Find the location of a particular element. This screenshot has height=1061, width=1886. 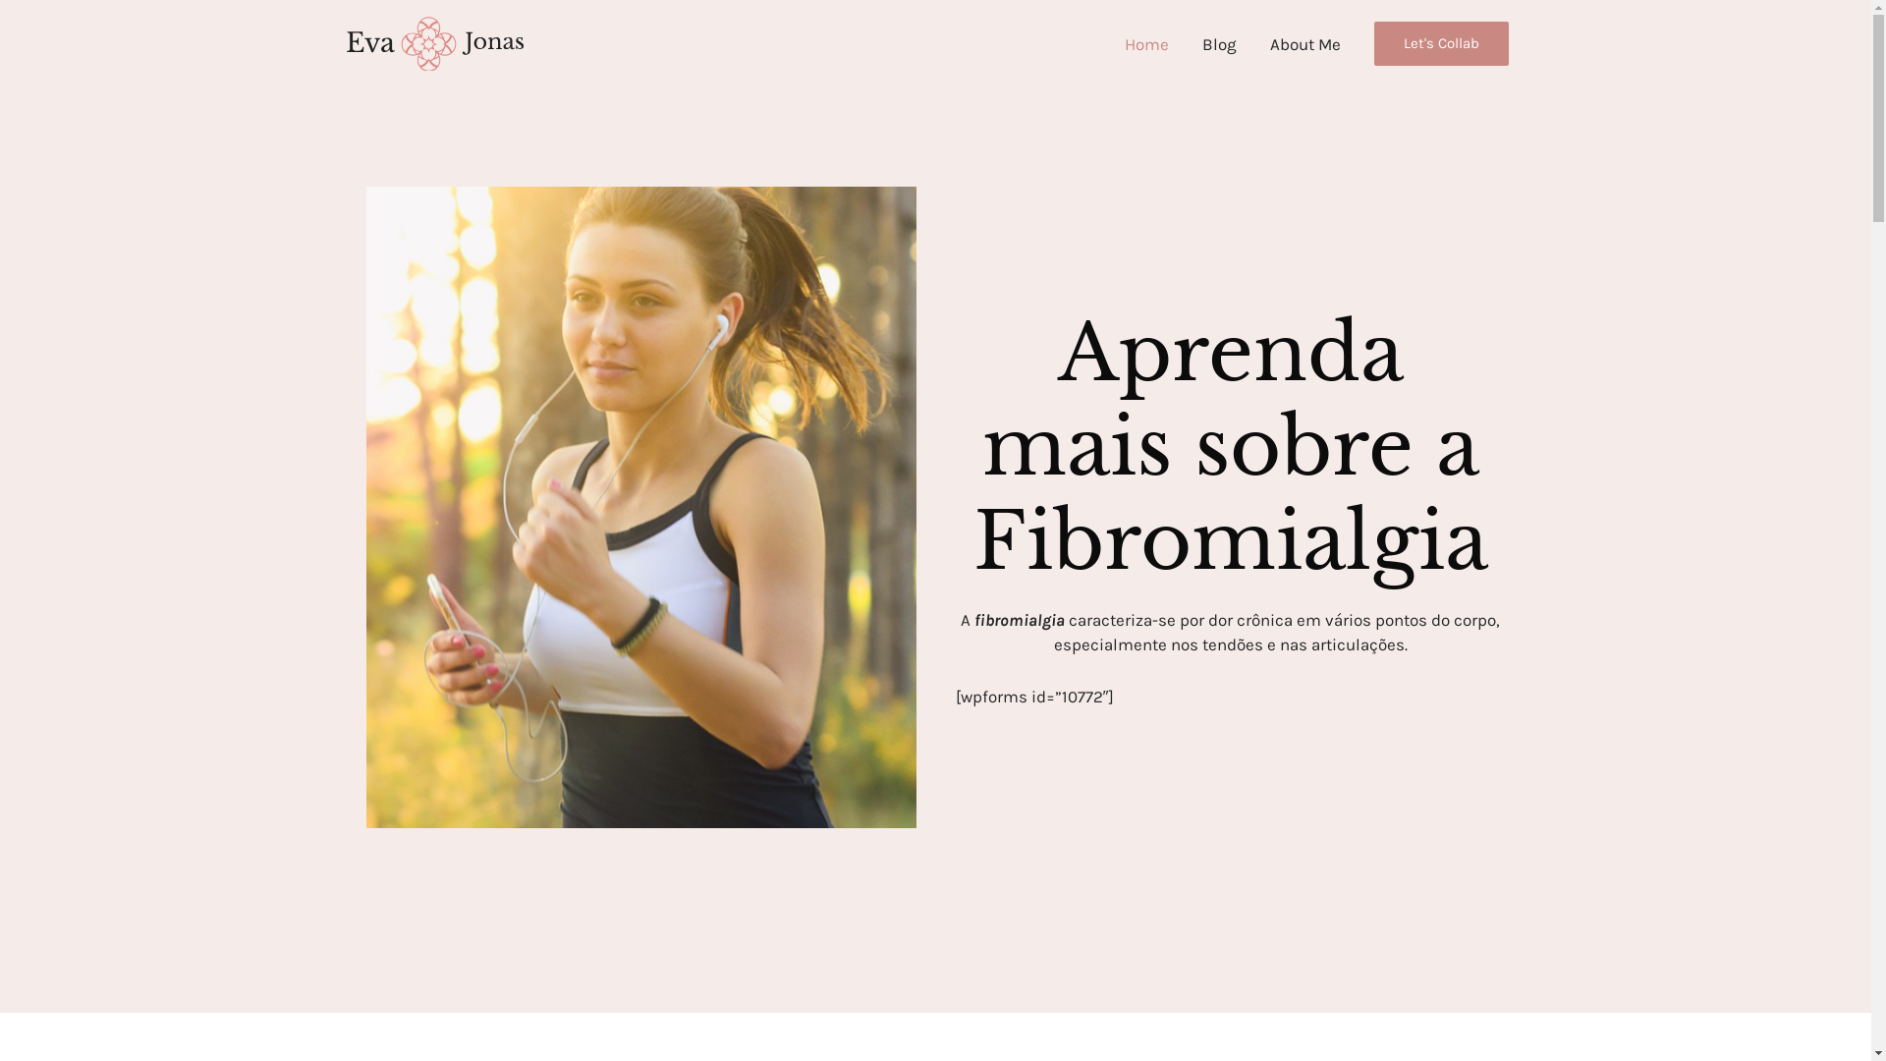

'Home' is located at coordinates (1108, 44).